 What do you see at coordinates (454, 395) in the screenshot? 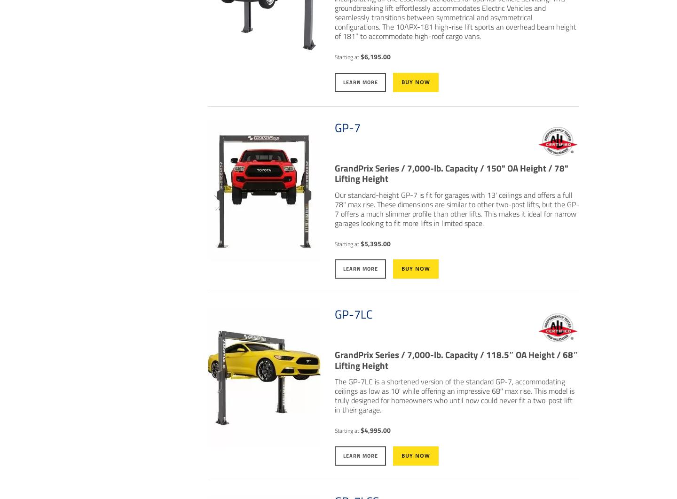
I see `'The GP-7LC is a shortened version of the standard GP-7, accommodating ceilings as low as 10' while offering an impressive 68″ max rise. This model is truly designed for homeowners who until now could never fit a two-post lift in their garage.'` at bounding box center [454, 395].